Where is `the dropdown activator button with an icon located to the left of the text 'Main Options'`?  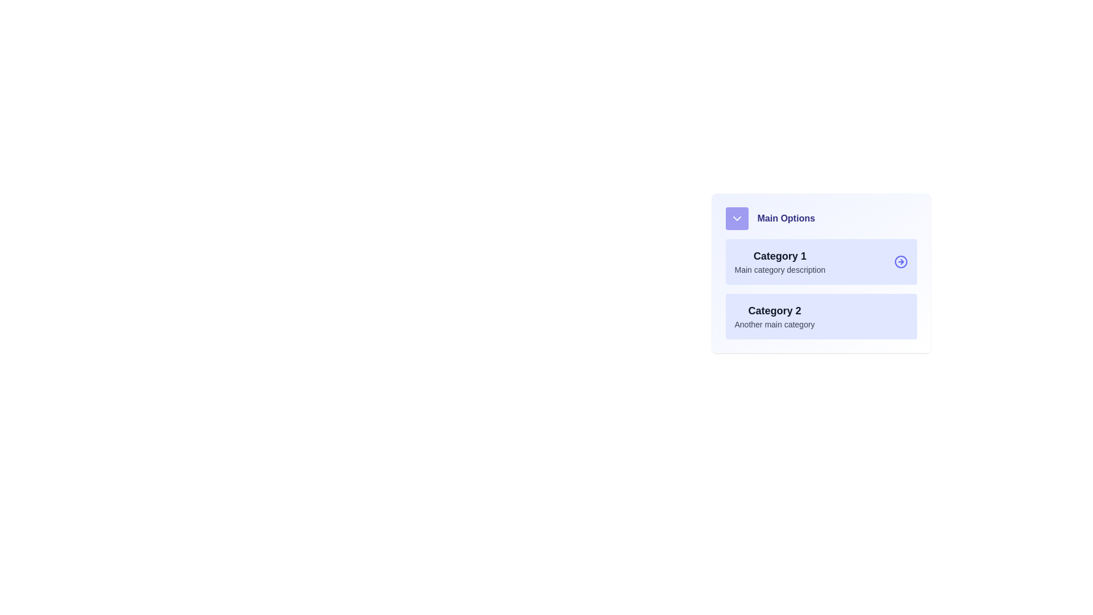 the dropdown activator button with an icon located to the left of the text 'Main Options' is located at coordinates (737, 219).